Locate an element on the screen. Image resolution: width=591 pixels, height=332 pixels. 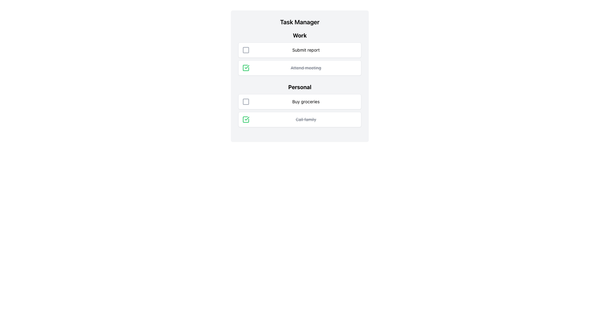
Text Label that serves as a title for the personal tasks, located beneath the 'Work' heading and preceding the list of personal duties is located at coordinates (300, 87).